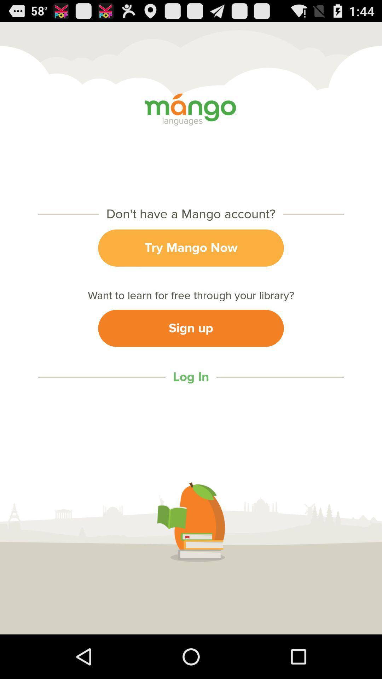 Image resolution: width=382 pixels, height=679 pixels. What do you see at coordinates (191, 248) in the screenshot?
I see `item below the don t have icon` at bounding box center [191, 248].